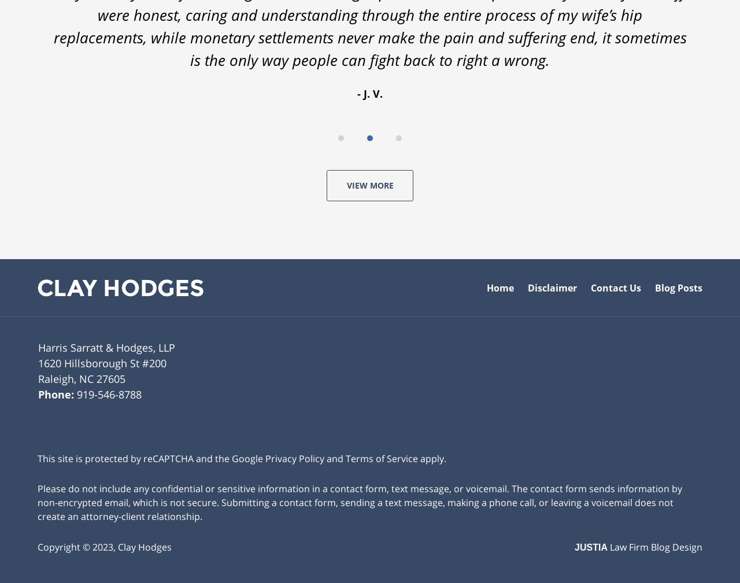 The height and width of the screenshot is (583, 740). What do you see at coordinates (359, 500) in the screenshot?
I see `'Please do not include any confidential or sensitive information in a contact form, text message, or voicemail. The contact form sends information by non-encrypted email, which is not secure. Submitting a contact form, sending a text message, making a phone call, or leaving a voicemail does not create an attorney-client relationship.'` at bounding box center [359, 500].